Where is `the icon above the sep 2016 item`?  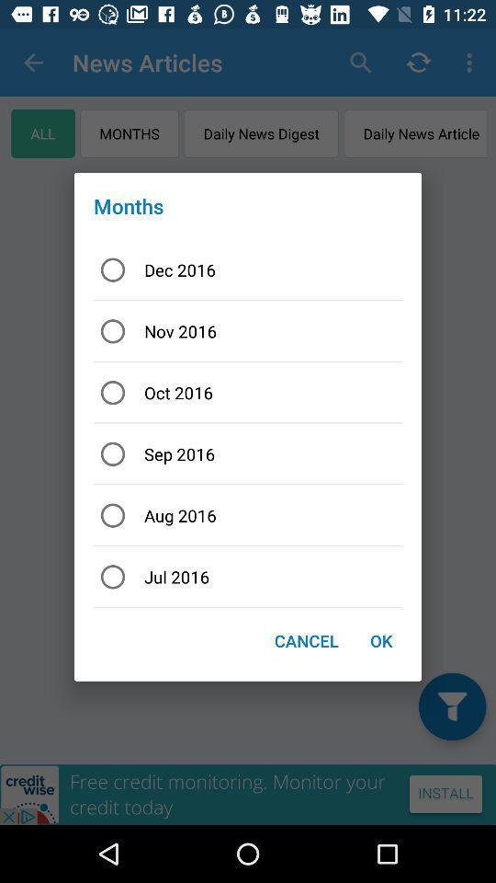 the icon above the sep 2016 item is located at coordinates (248, 393).